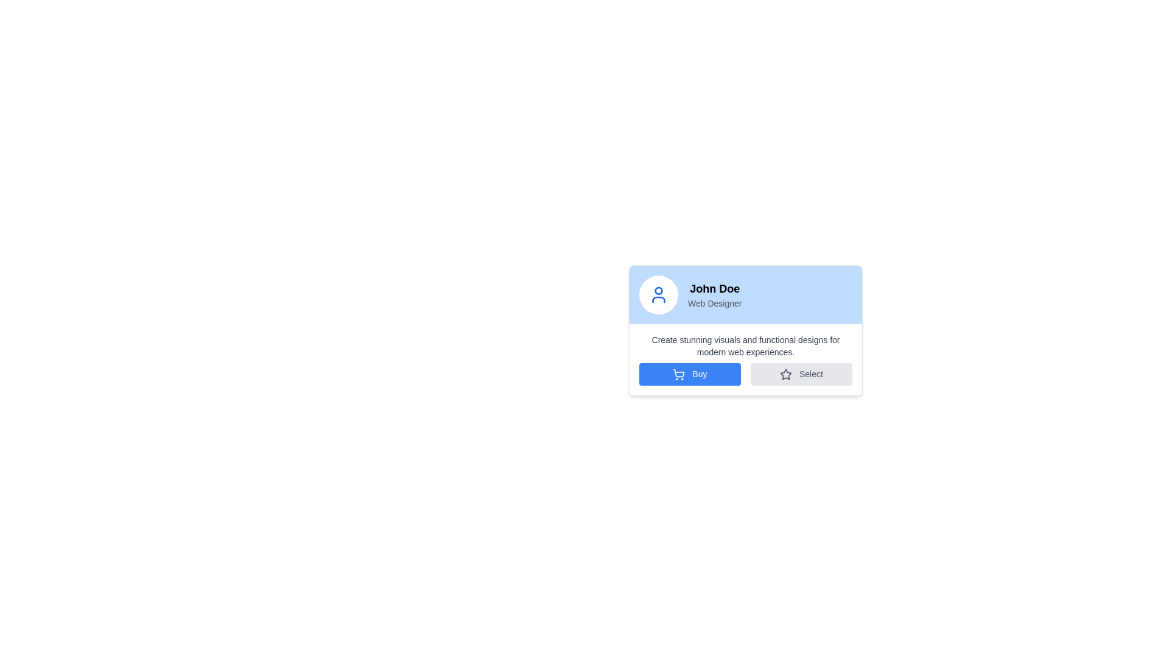 The image size is (1169, 657). I want to click on the bold text label reading 'John Doe', so click(715, 288).